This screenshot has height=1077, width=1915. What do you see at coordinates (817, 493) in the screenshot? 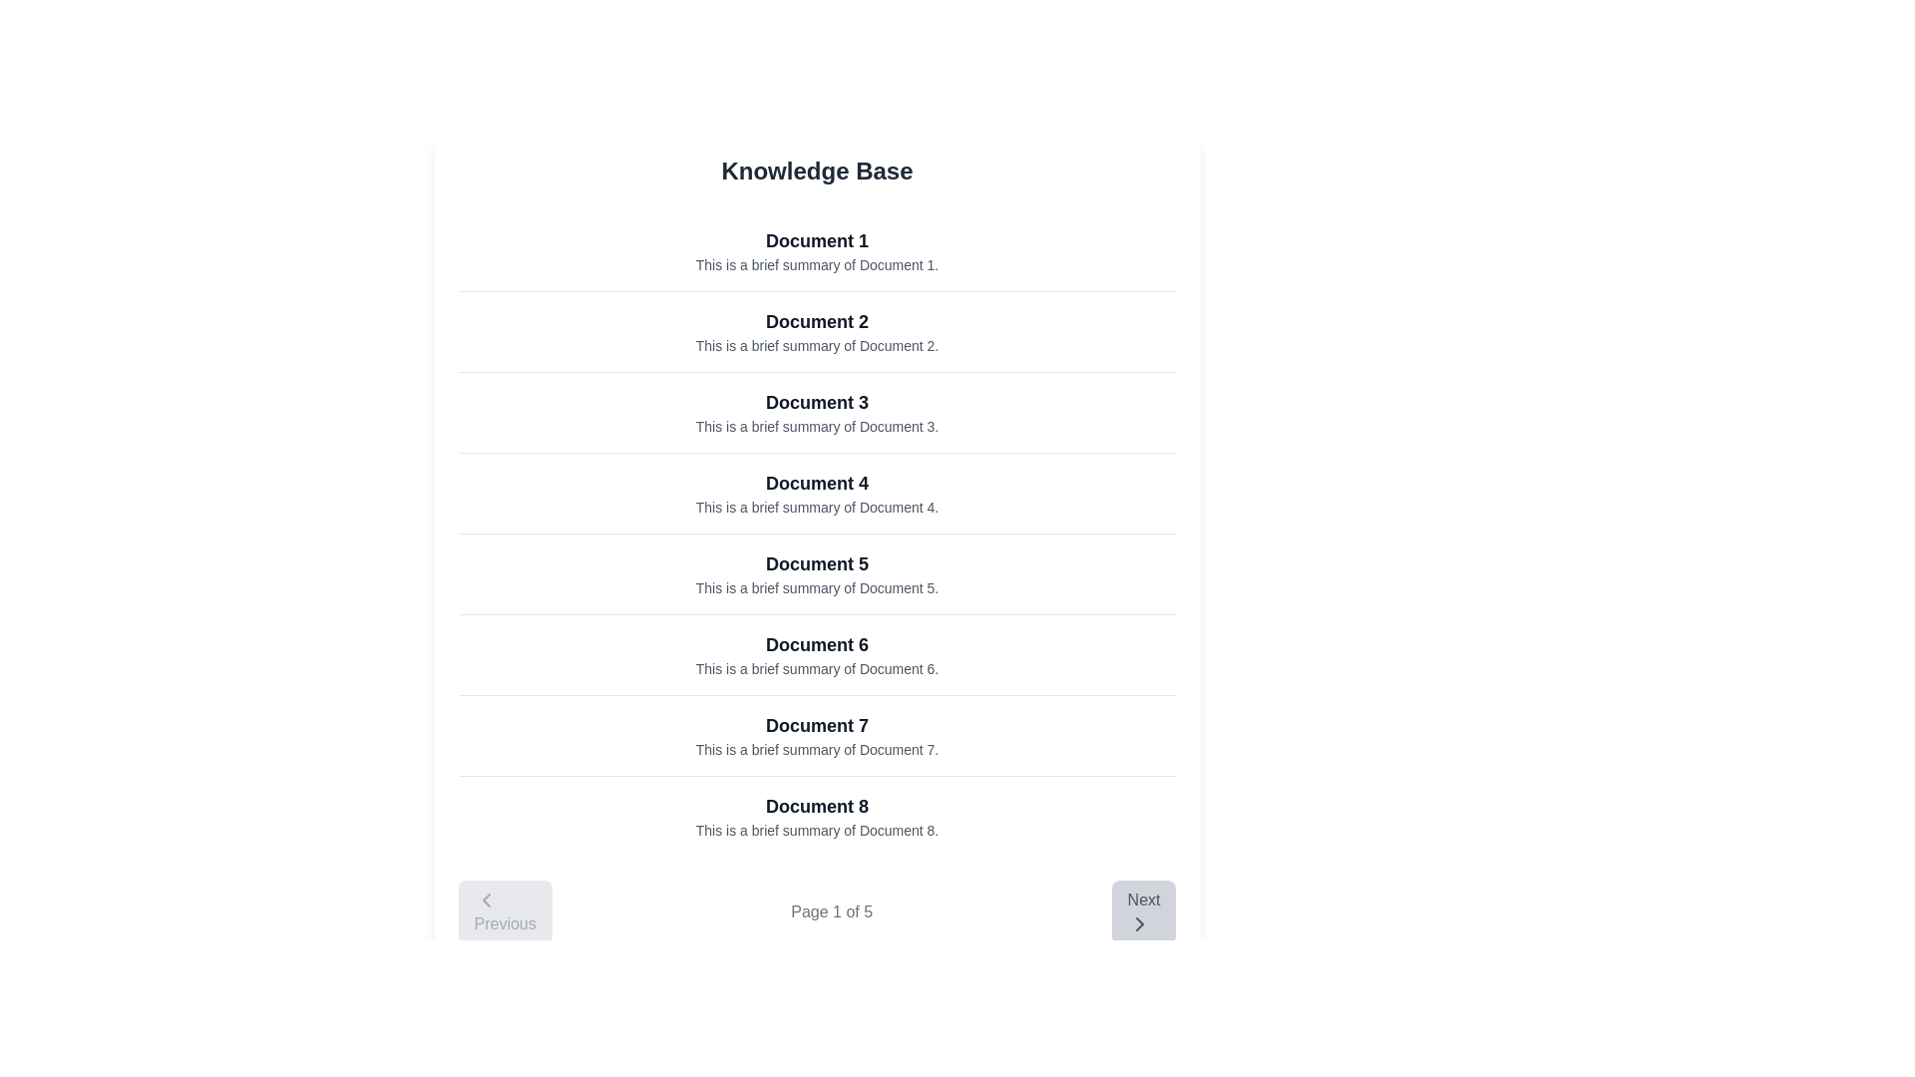
I see `the text display component labeled 'Document 4' to interact with any nearby interactive elements if present` at bounding box center [817, 493].